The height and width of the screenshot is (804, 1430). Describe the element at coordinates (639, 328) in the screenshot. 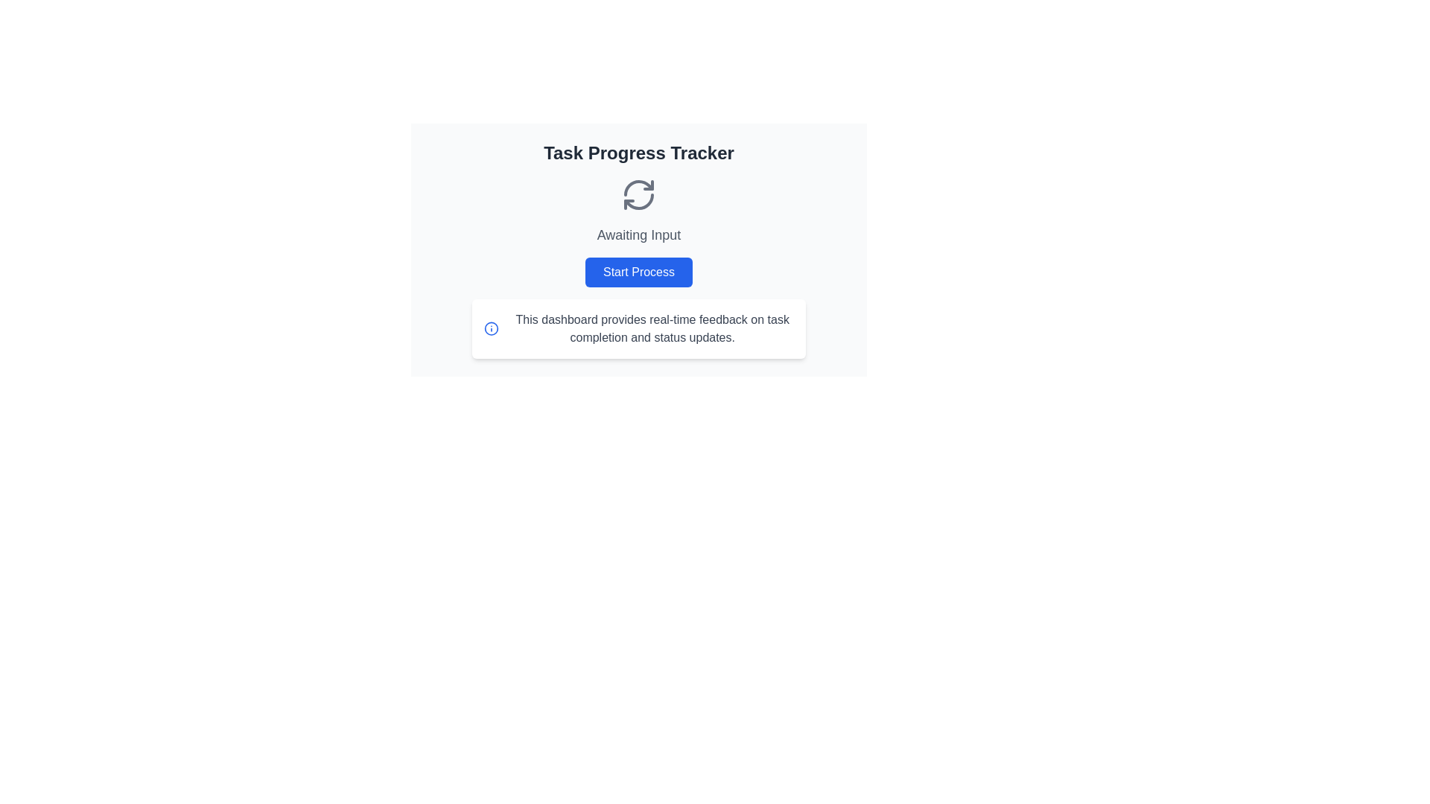

I see `the Informational Tooltip element that contains the text 'This dashboard provides real-time feedback on task completion and status updates.'` at that location.